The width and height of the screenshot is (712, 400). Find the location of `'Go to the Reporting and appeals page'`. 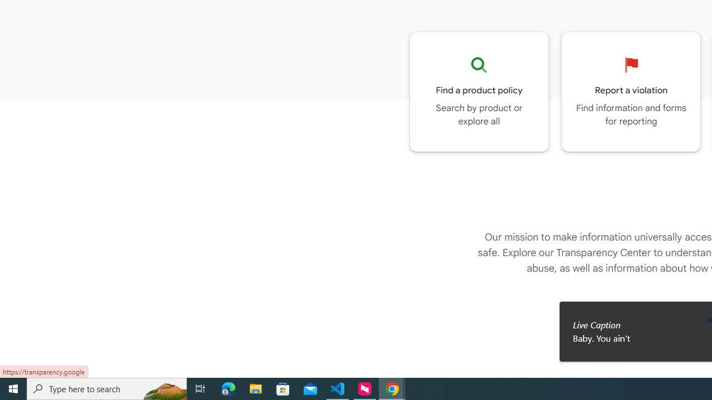

'Go to the Reporting and appeals page' is located at coordinates (631, 91).